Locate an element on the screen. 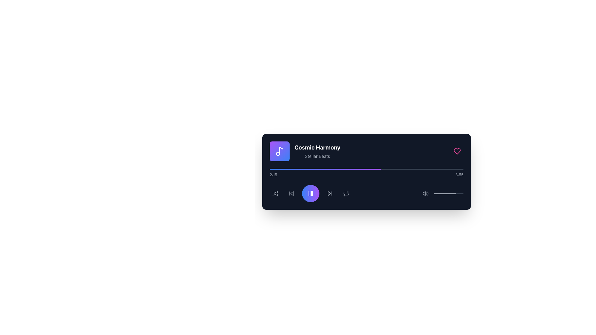  the album art icon for the track 'Cosmic Harmony' is located at coordinates (279, 151).